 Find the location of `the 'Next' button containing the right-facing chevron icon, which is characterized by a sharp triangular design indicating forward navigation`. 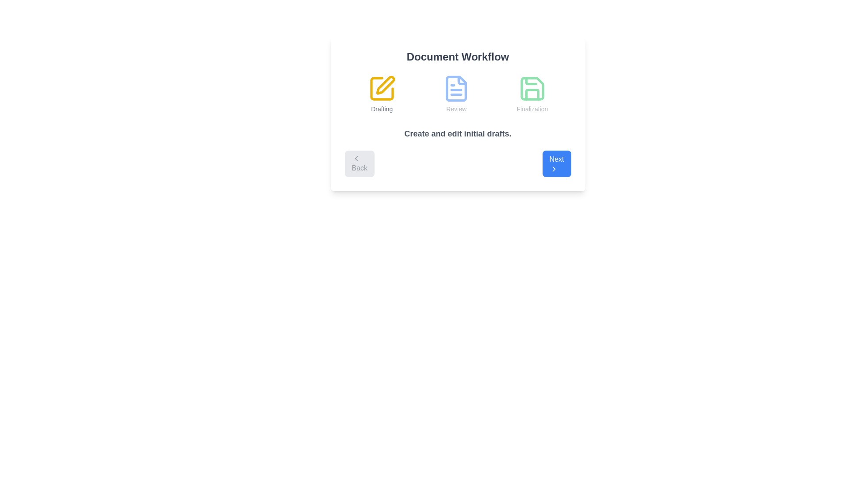

the 'Next' button containing the right-facing chevron icon, which is characterized by a sharp triangular design indicating forward navigation is located at coordinates (553, 169).